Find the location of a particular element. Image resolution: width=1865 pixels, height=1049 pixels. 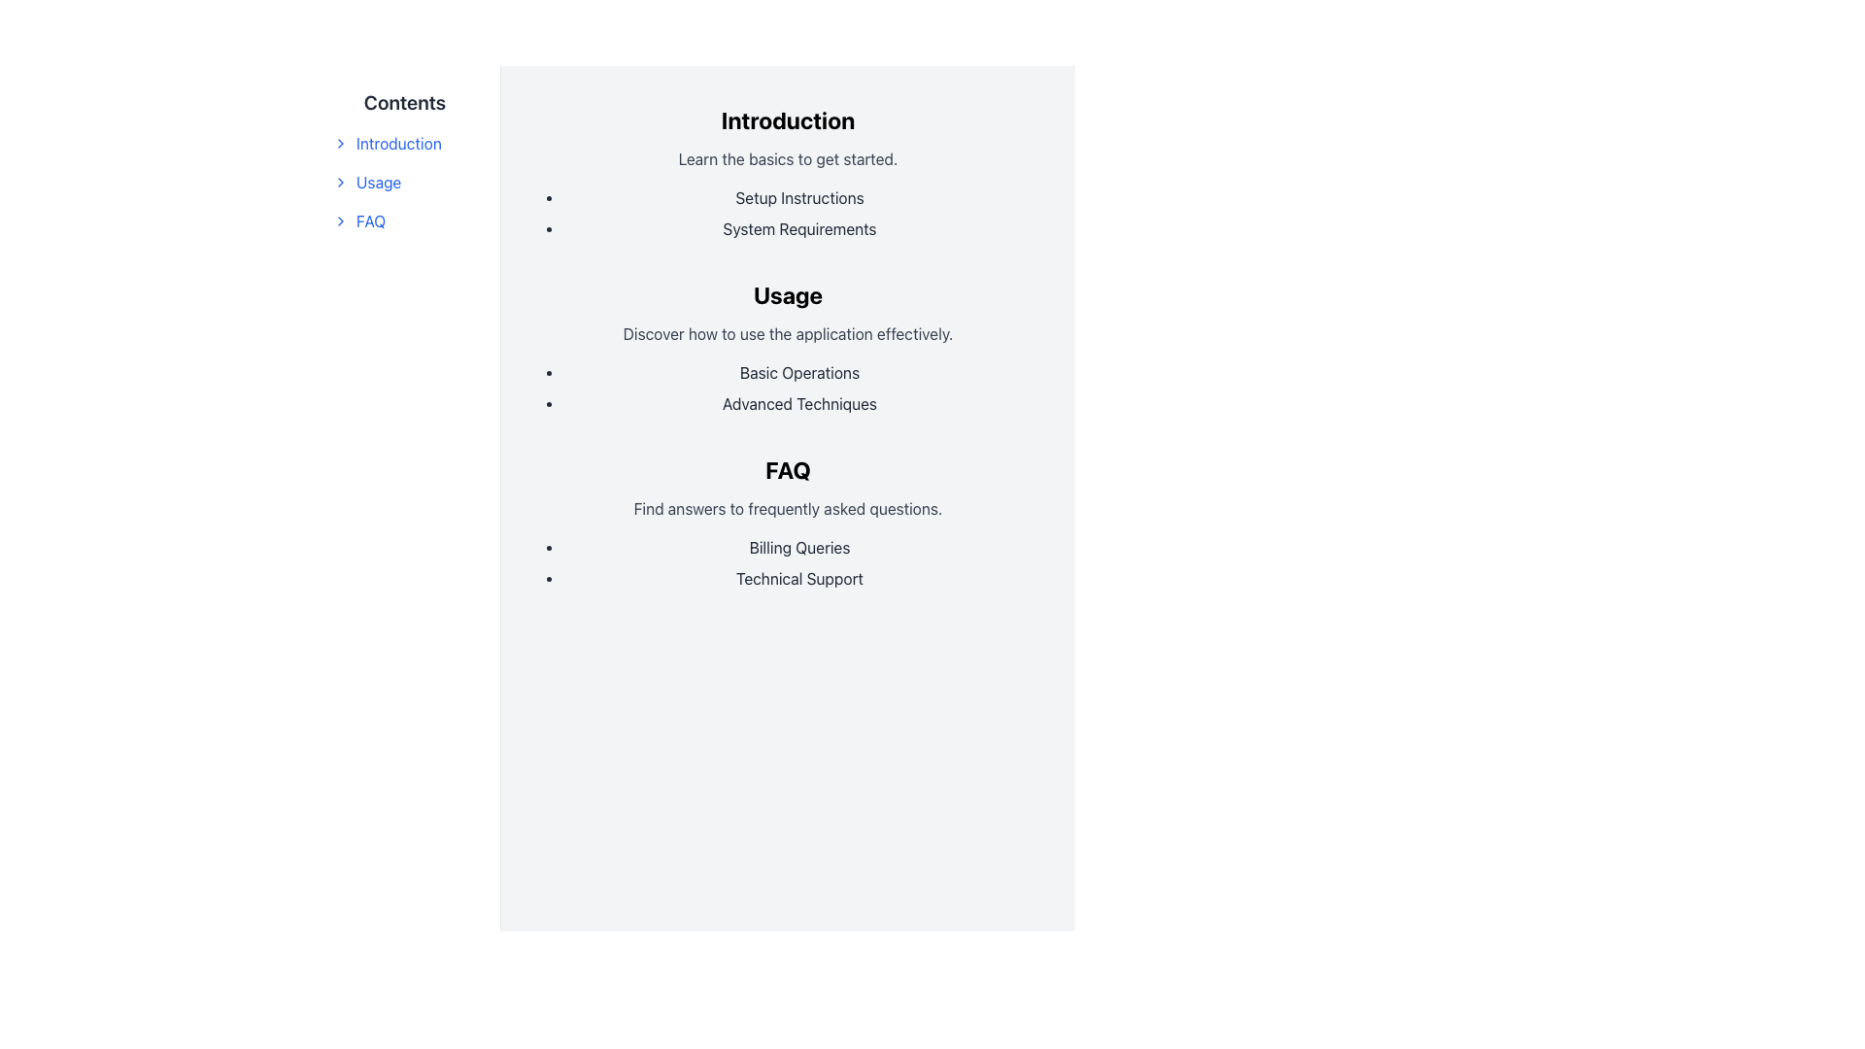

the text label for technical support located under the 'Billing Queries' bullet point in the FAQ section is located at coordinates (799, 578).